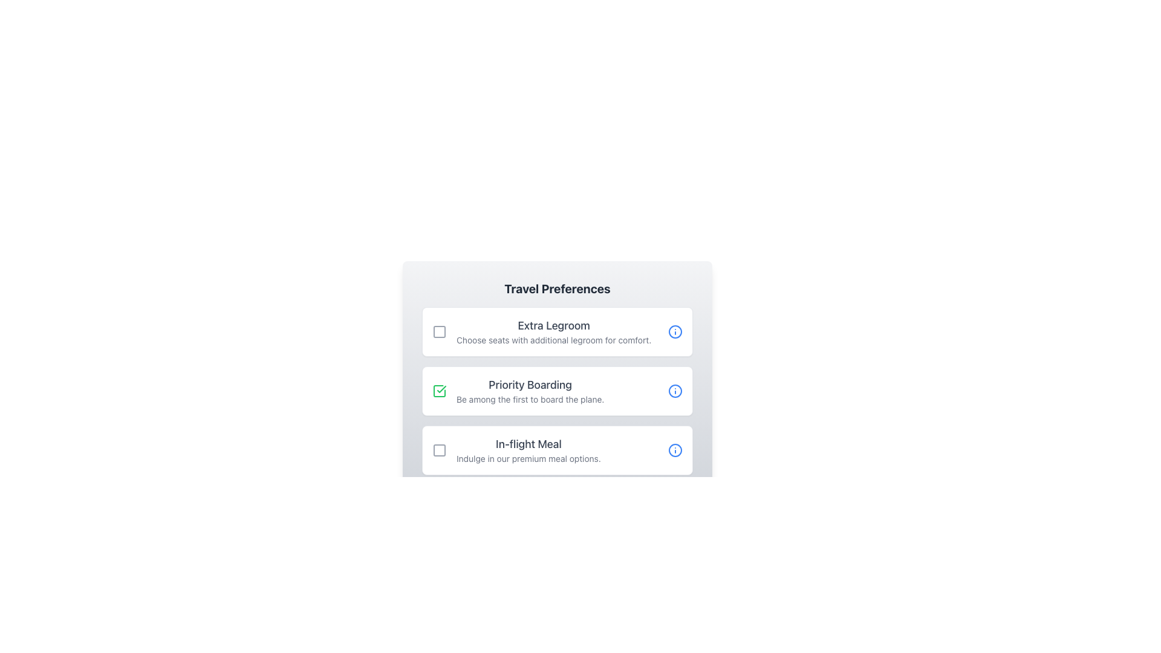 This screenshot has width=1161, height=653. What do you see at coordinates (528, 450) in the screenshot?
I see `the text description block that informs users about in-flight meal options, which is the third item in the 'Travel Preferences' panel, located between 'Priority Boarding' and subsequent items` at bounding box center [528, 450].